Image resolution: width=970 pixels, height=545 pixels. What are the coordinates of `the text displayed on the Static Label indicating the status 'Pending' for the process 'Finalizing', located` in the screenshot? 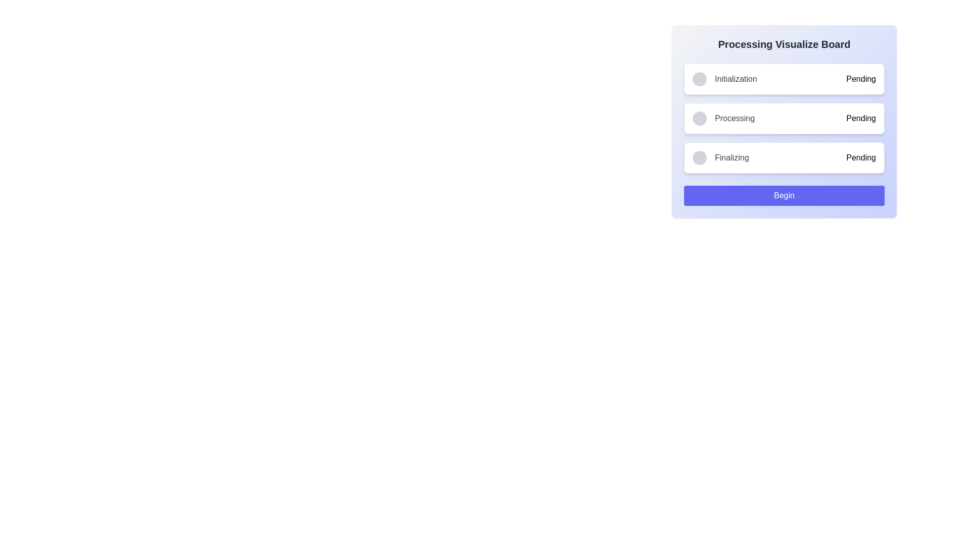 It's located at (860, 157).